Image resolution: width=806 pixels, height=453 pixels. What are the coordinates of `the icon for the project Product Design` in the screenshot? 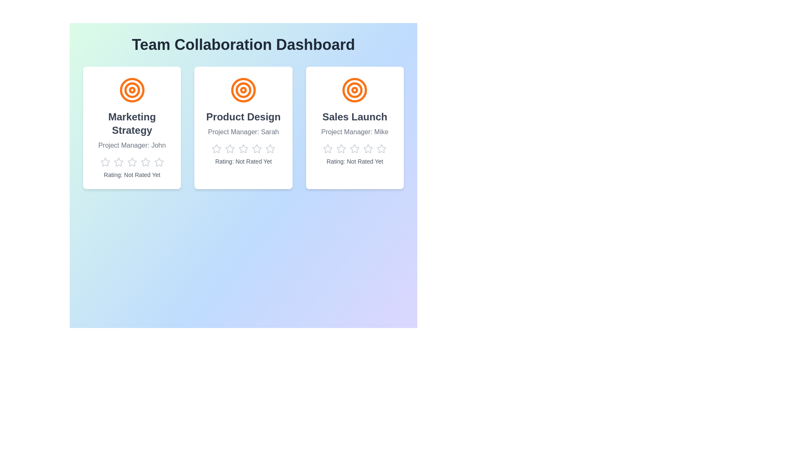 It's located at (243, 90).